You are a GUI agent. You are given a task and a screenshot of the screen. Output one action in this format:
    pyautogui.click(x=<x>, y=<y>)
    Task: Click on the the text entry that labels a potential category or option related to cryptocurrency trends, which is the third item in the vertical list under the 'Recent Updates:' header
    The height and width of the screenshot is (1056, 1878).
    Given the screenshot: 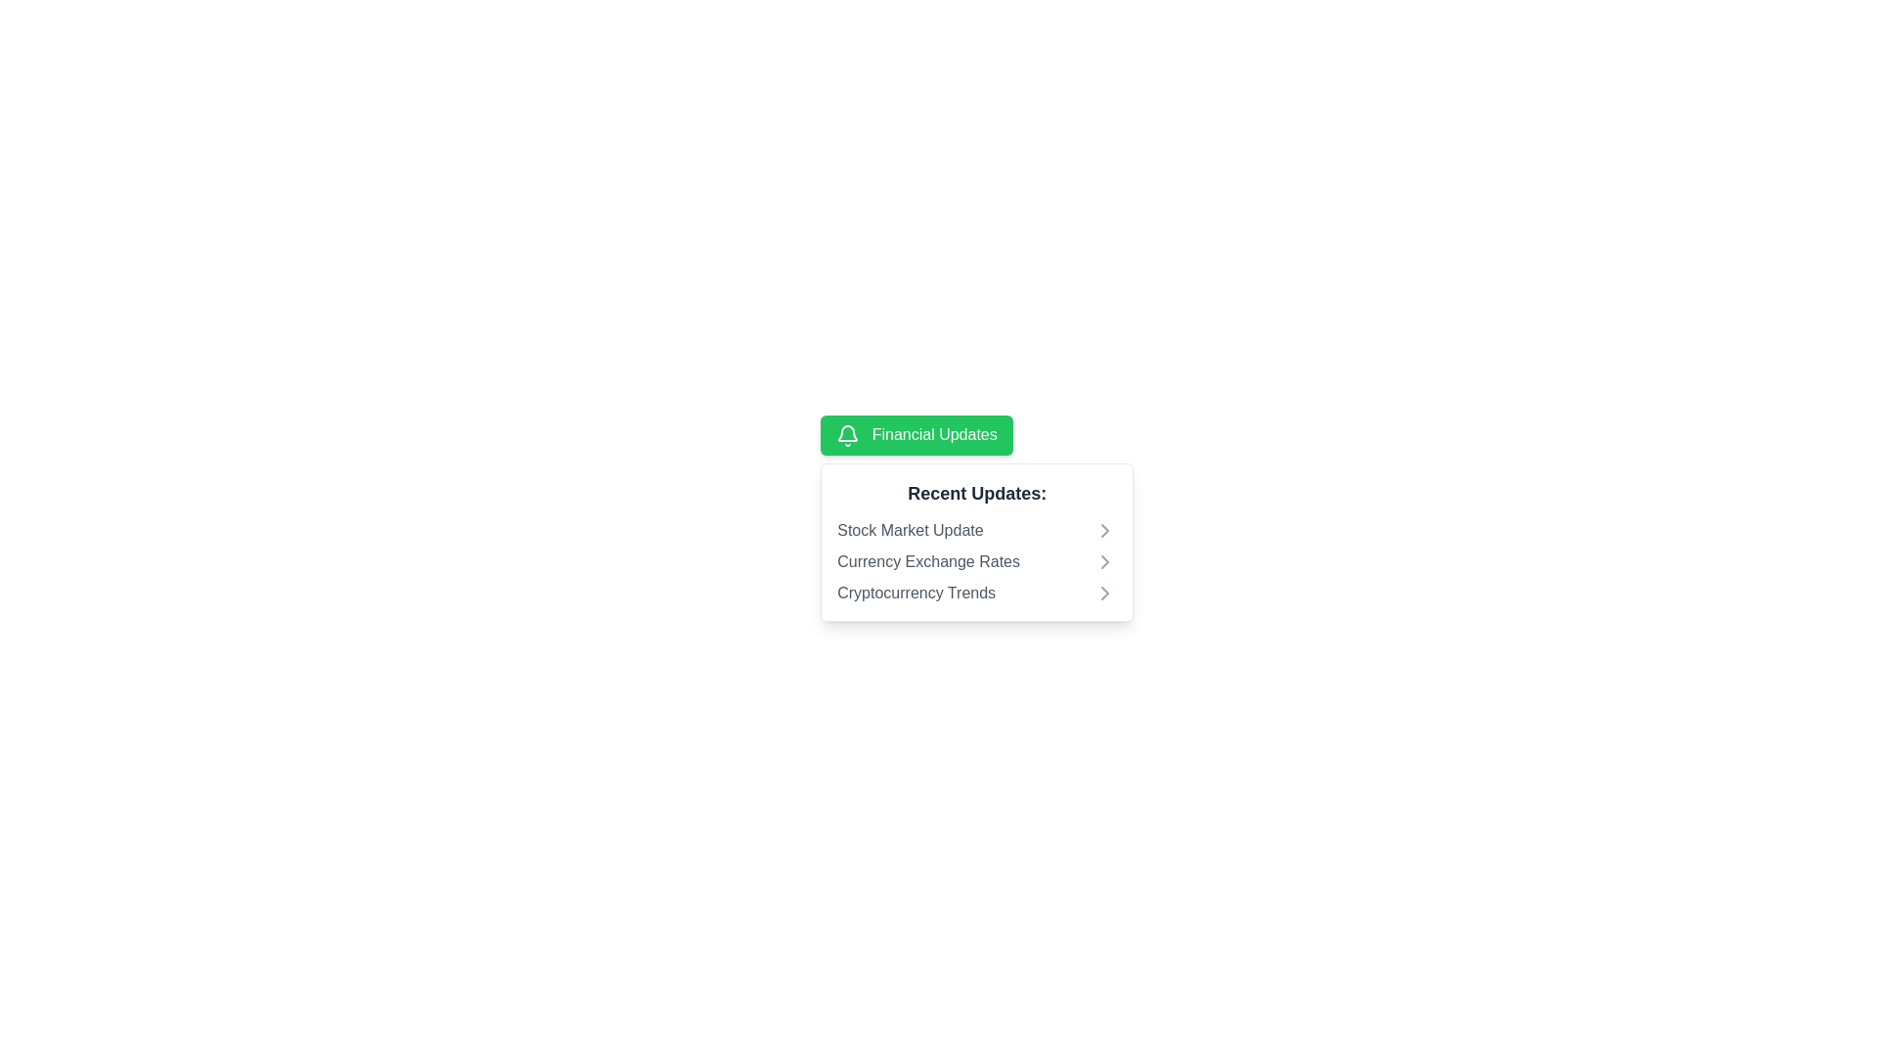 What is the action you would take?
    pyautogui.click(x=916, y=592)
    